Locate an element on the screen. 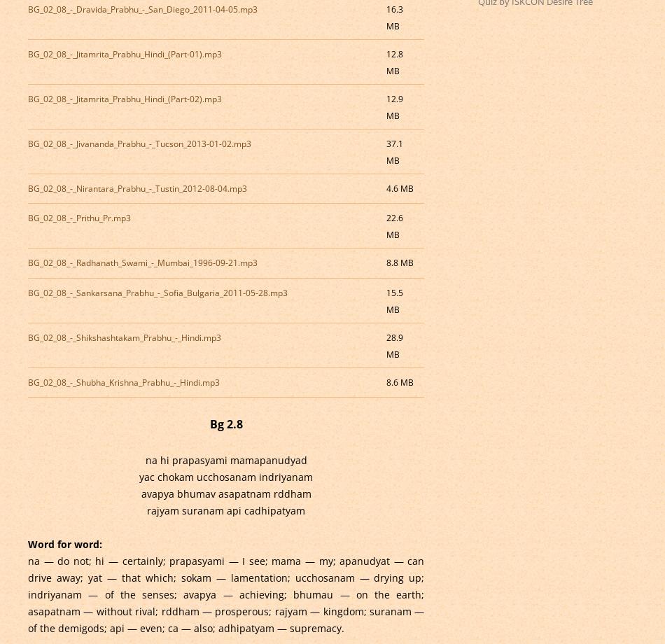 The image size is (665, 644). 'BG_02_08_-_Shikshashtakam_Prabhu_-_Hindi.mp3' is located at coordinates (123, 337).